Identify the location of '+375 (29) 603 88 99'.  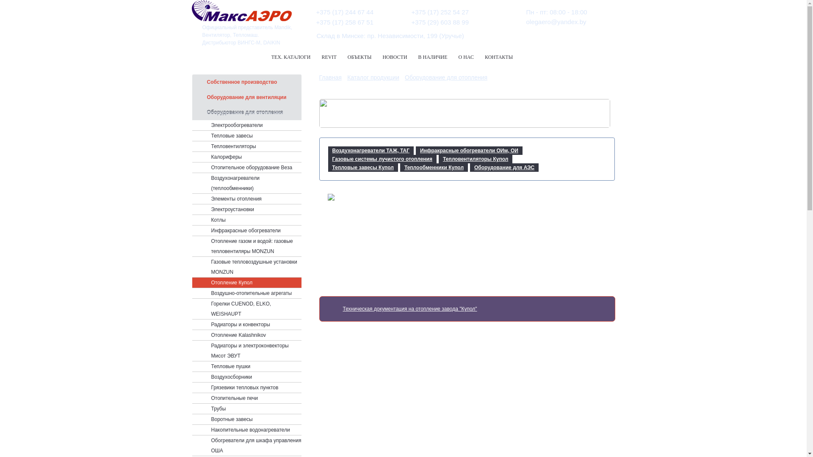
(411, 22).